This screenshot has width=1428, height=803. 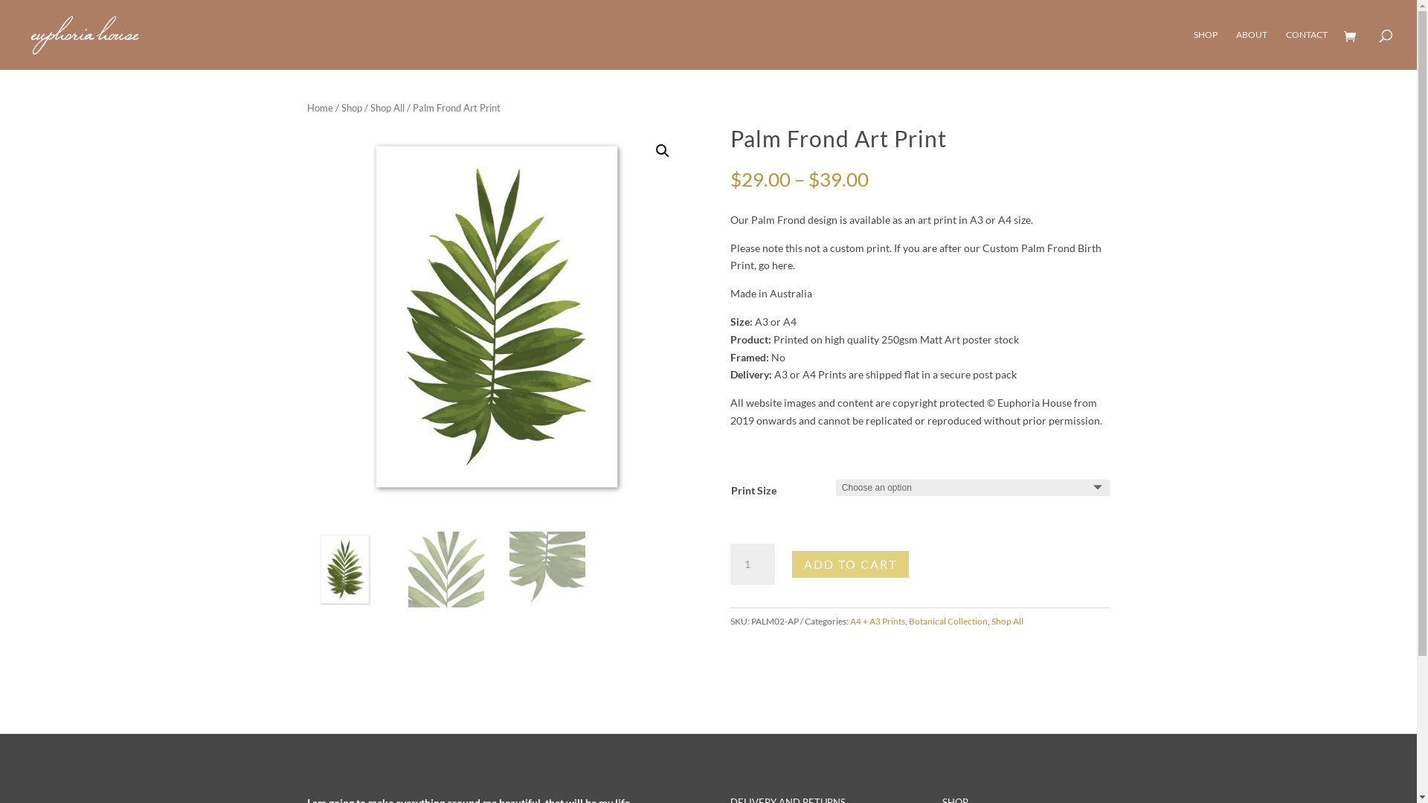 What do you see at coordinates (318, 107) in the screenshot?
I see `'Home'` at bounding box center [318, 107].